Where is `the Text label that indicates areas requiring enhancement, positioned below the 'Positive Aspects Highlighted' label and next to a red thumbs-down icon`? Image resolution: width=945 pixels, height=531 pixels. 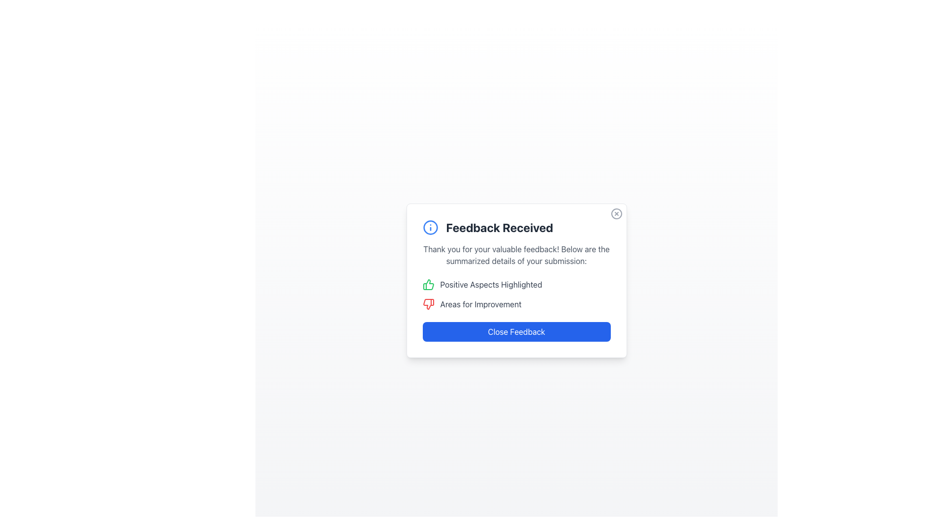 the Text label that indicates areas requiring enhancement, positioned below the 'Positive Aspects Highlighted' label and next to a red thumbs-down icon is located at coordinates (481, 303).